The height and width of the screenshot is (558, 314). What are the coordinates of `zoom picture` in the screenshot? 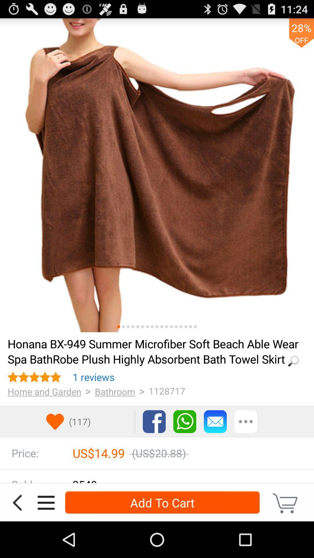 It's located at (157, 175).